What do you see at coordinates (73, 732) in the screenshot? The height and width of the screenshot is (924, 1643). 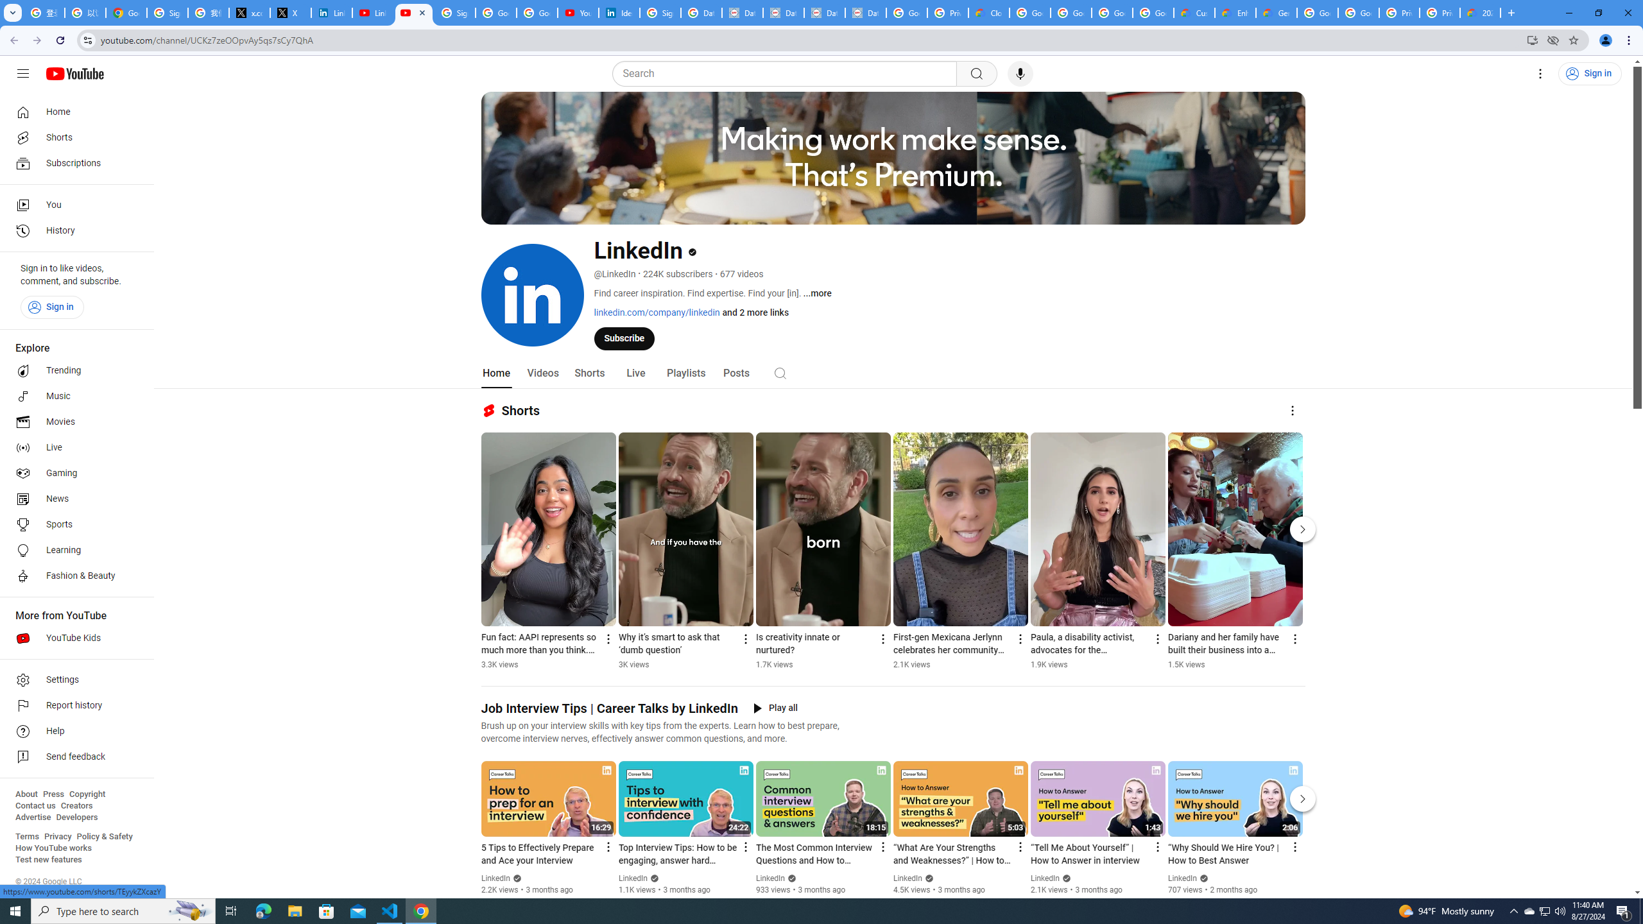 I see `'Help'` at bounding box center [73, 732].